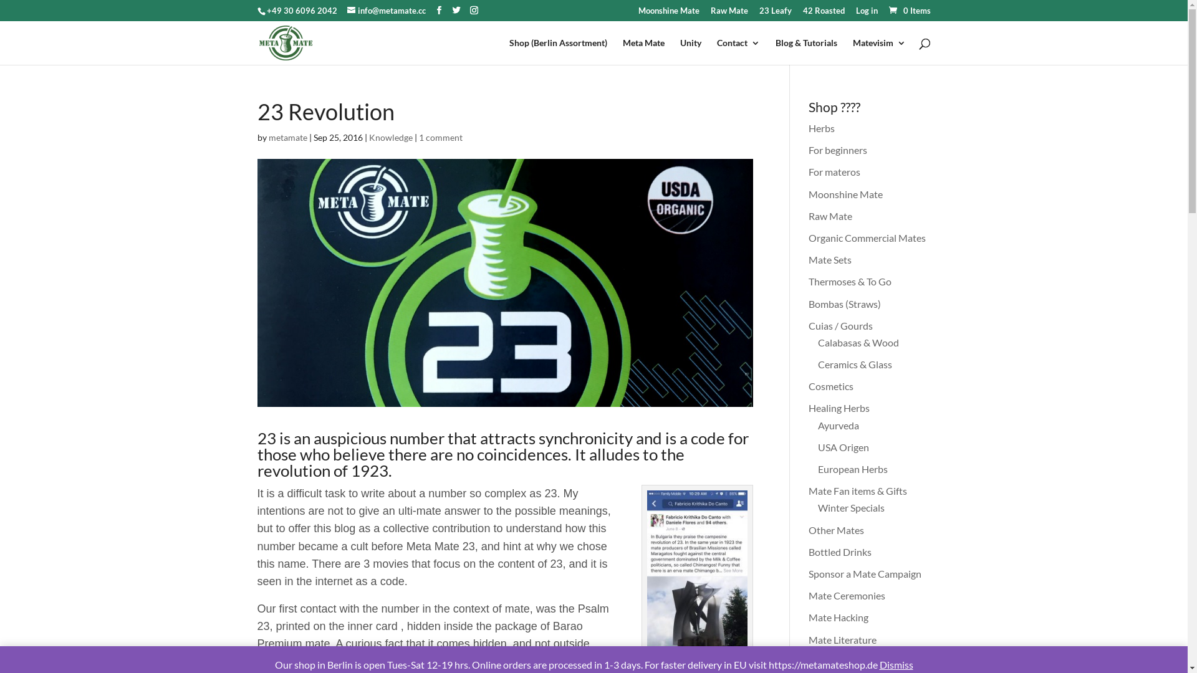 Image resolution: width=1197 pixels, height=673 pixels. Describe the element at coordinates (865, 14) in the screenshot. I see `'Log in'` at that location.